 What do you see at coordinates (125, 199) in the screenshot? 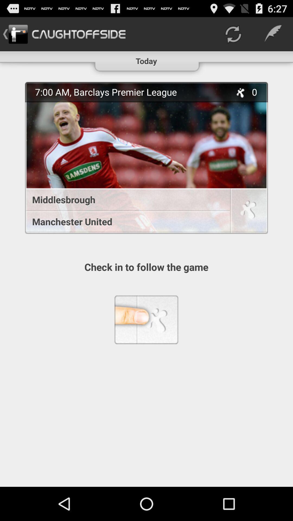
I see `middlesbrough icon` at bounding box center [125, 199].